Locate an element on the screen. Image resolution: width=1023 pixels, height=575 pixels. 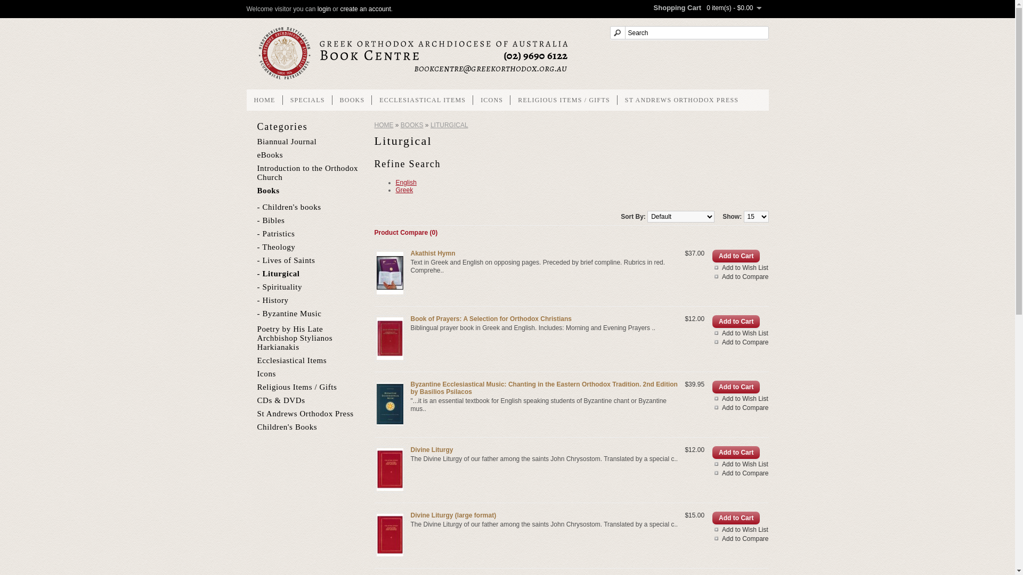
'Children's Books' is located at coordinates (287, 426).